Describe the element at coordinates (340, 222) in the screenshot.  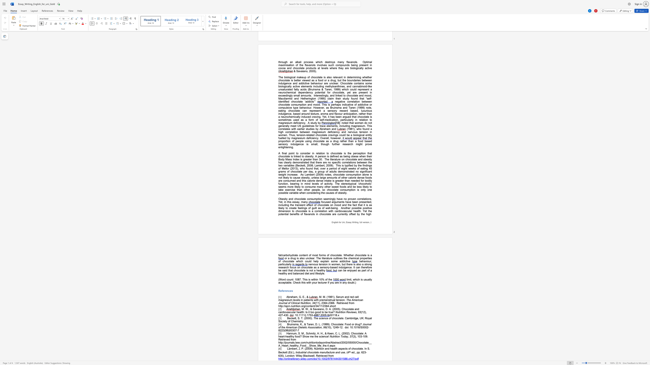
I see `the subset text "r Uni, Essay Writing, full version" within the text "English for Uni, Essay Writing, full version,"` at that location.